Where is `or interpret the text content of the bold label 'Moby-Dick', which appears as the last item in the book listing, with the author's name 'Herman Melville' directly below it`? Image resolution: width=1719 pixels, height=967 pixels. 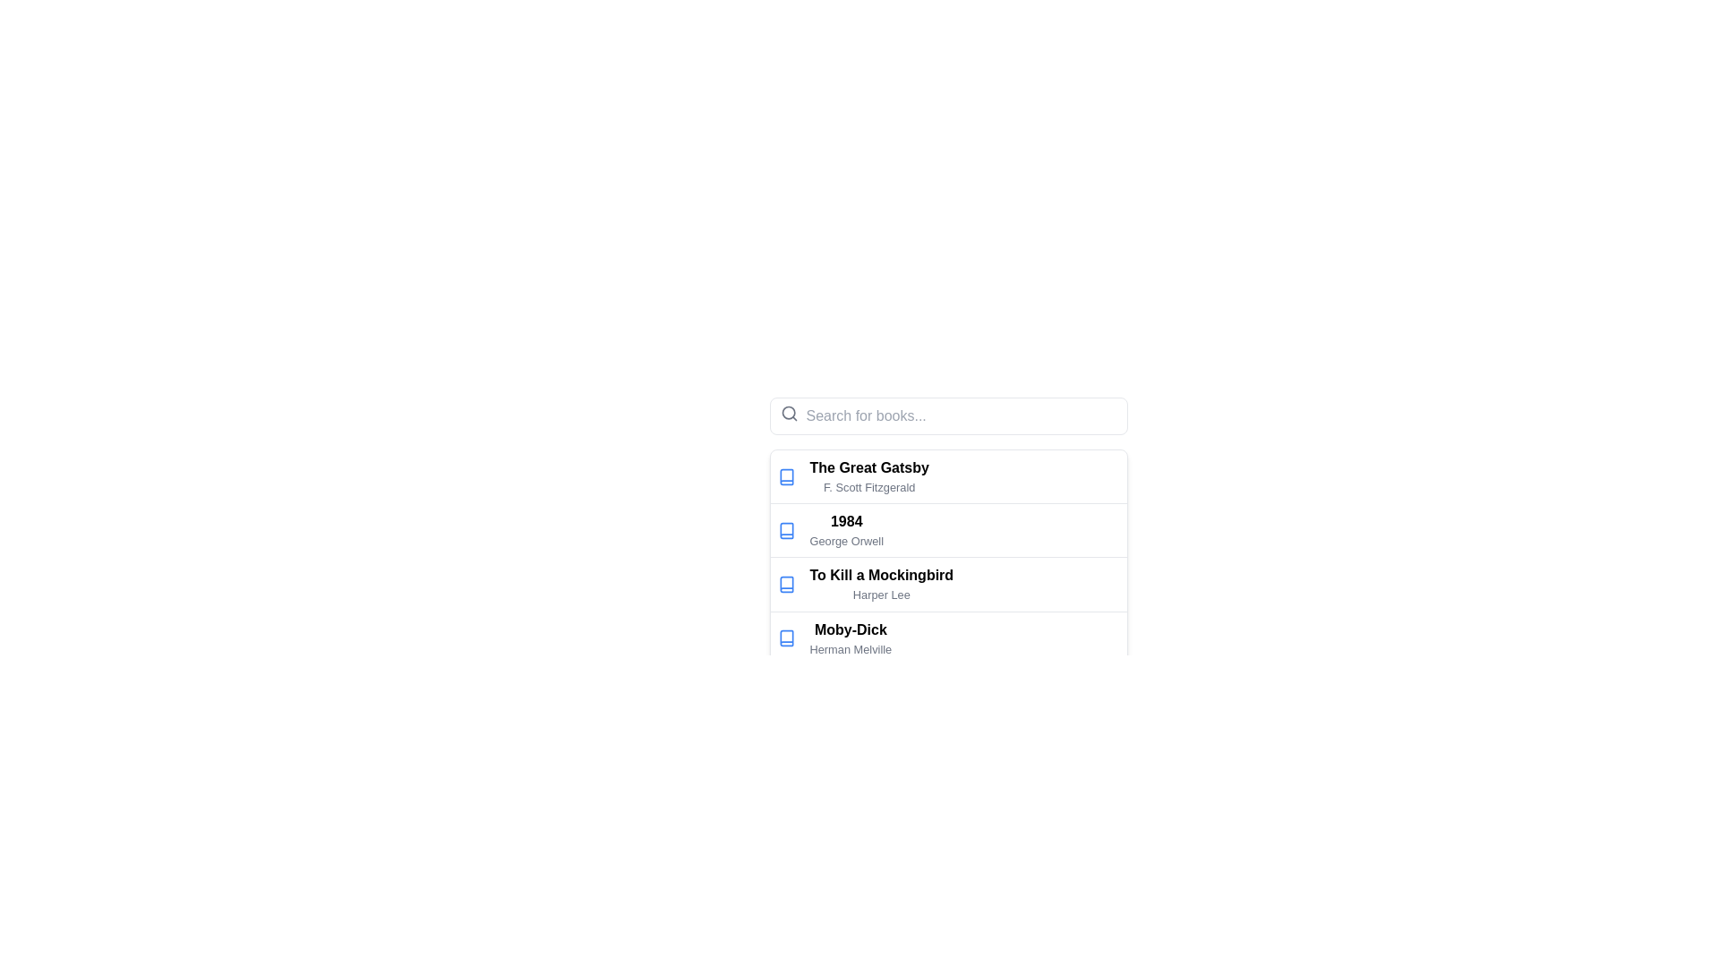 or interpret the text content of the bold label 'Moby-Dick', which appears as the last item in the book listing, with the author's name 'Herman Melville' directly below it is located at coordinates (850, 629).